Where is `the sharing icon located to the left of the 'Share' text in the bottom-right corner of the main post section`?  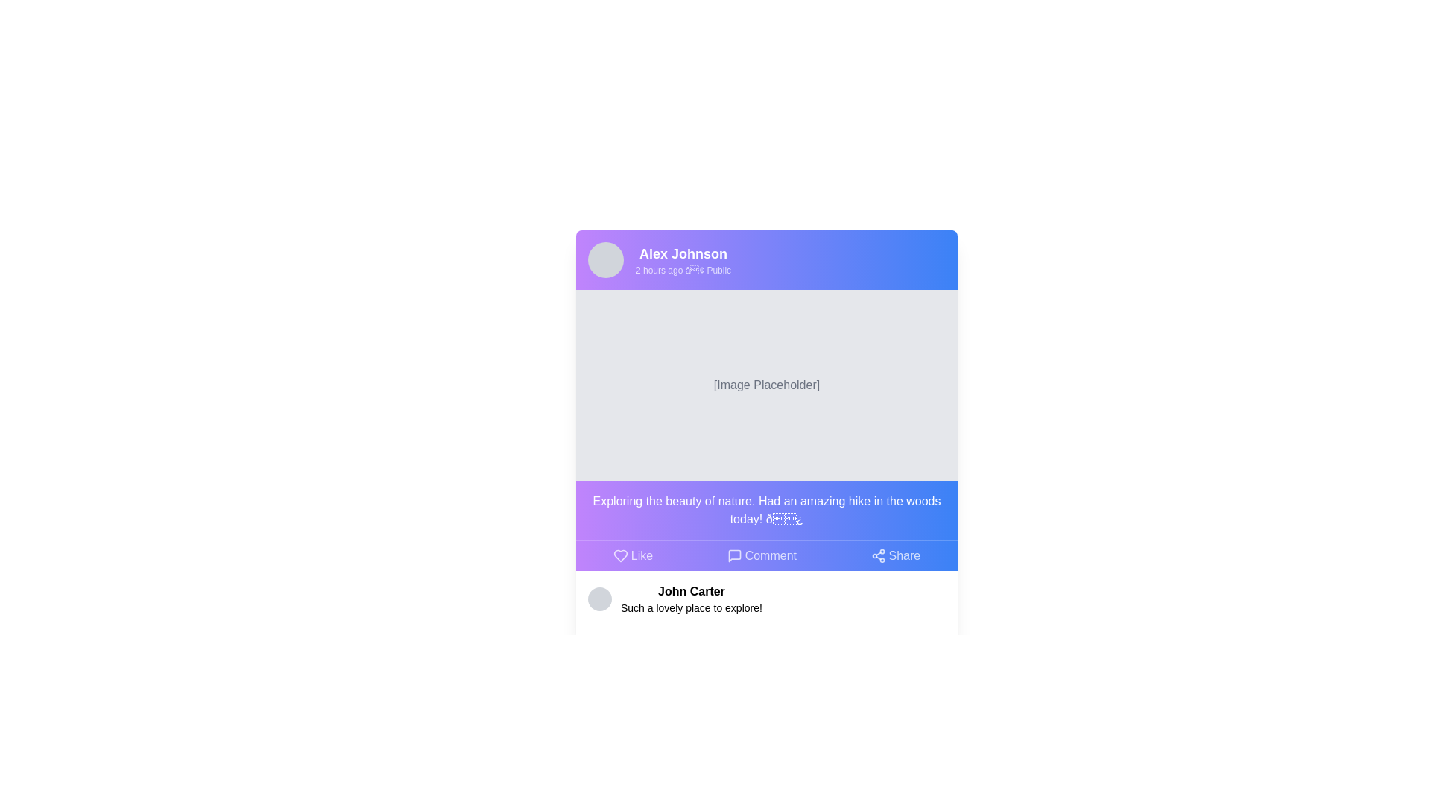 the sharing icon located to the left of the 'Share' text in the bottom-right corner of the main post section is located at coordinates (878, 555).